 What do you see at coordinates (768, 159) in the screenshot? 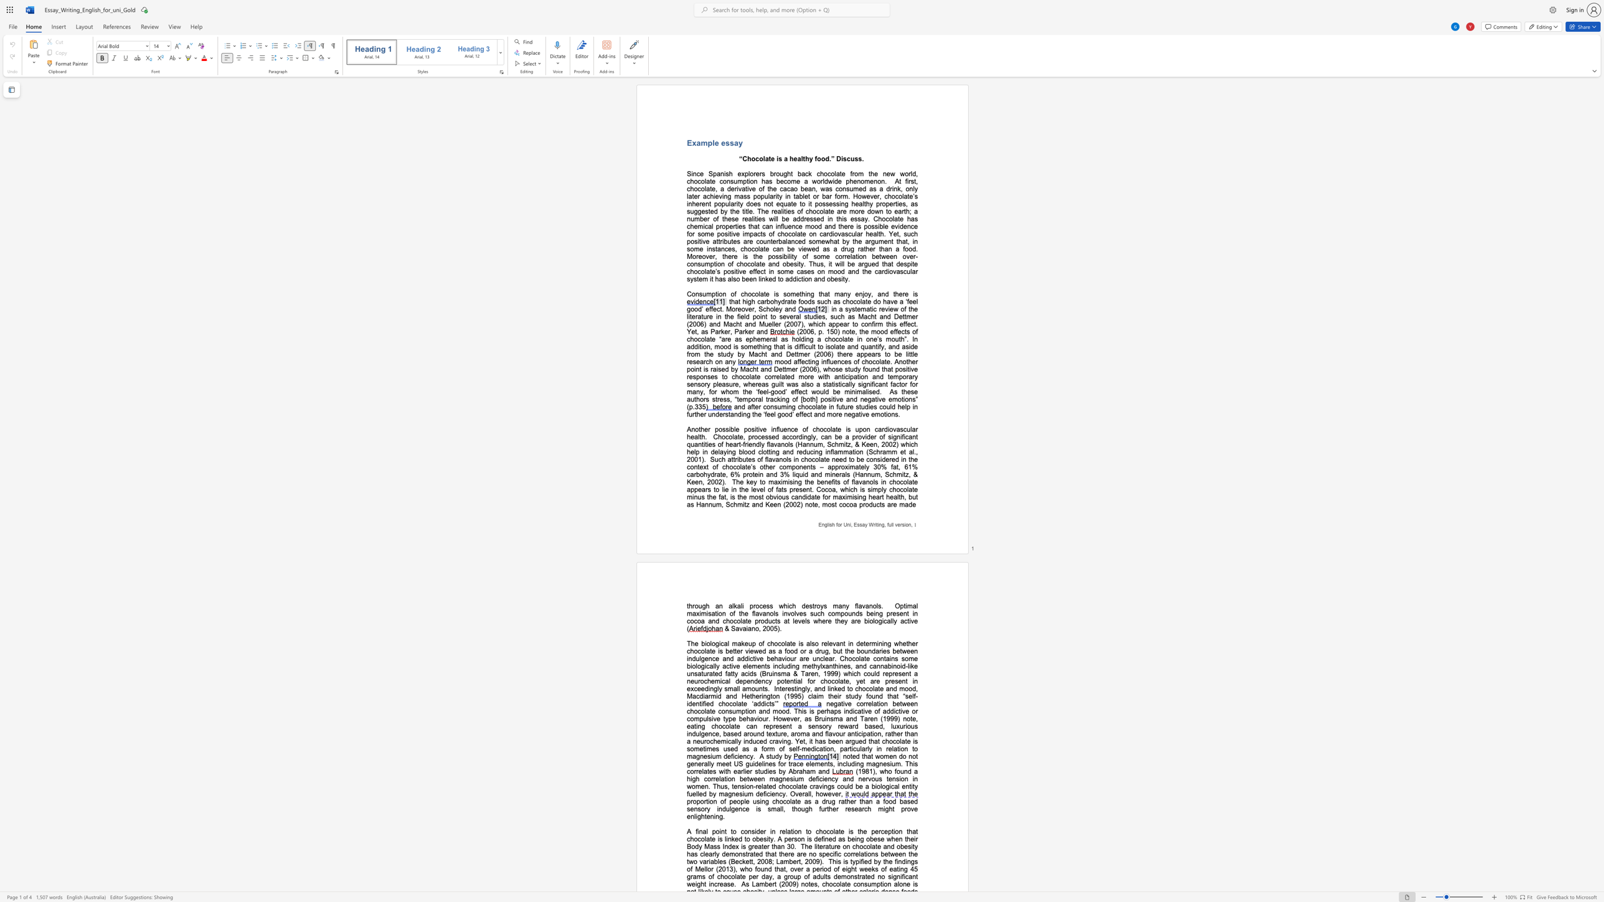
I see `the subset text "te" within the text "Chocolate is a healthy food.” Discuss."` at bounding box center [768, 159].